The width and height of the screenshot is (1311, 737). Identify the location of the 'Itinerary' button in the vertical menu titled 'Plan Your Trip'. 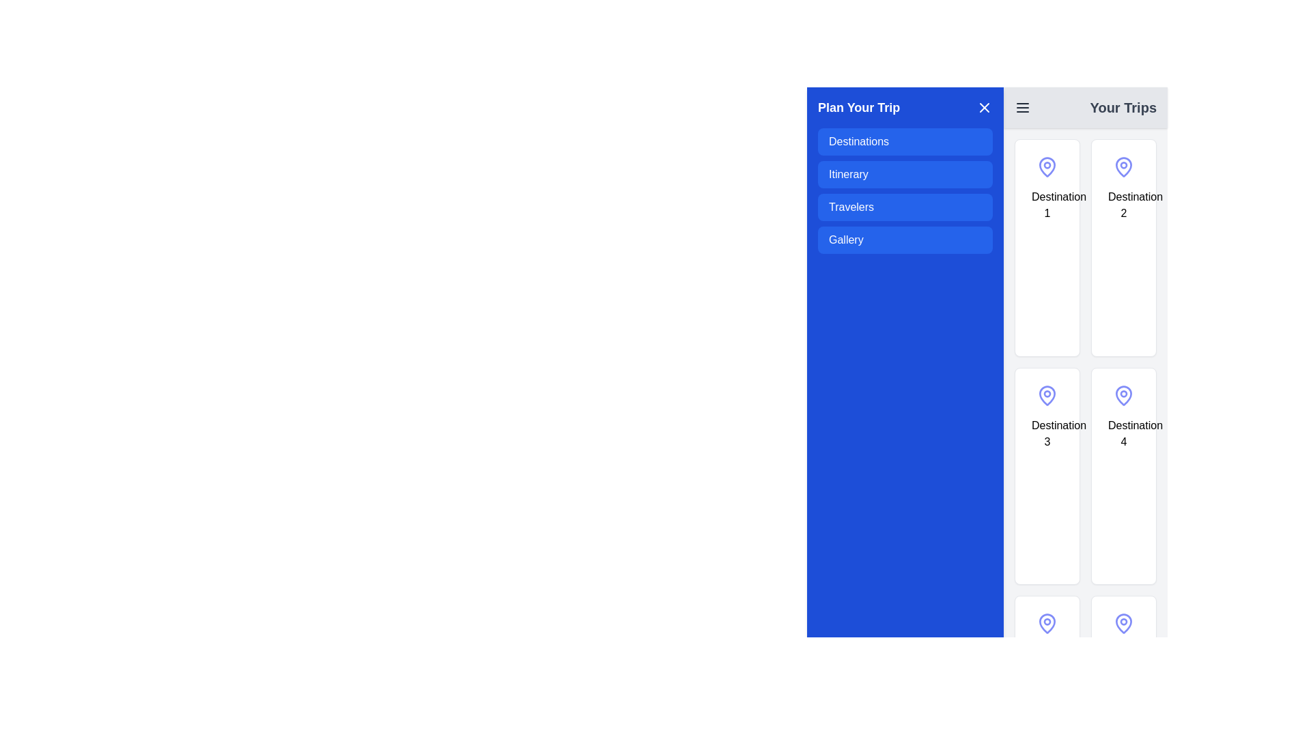
(905, 173).